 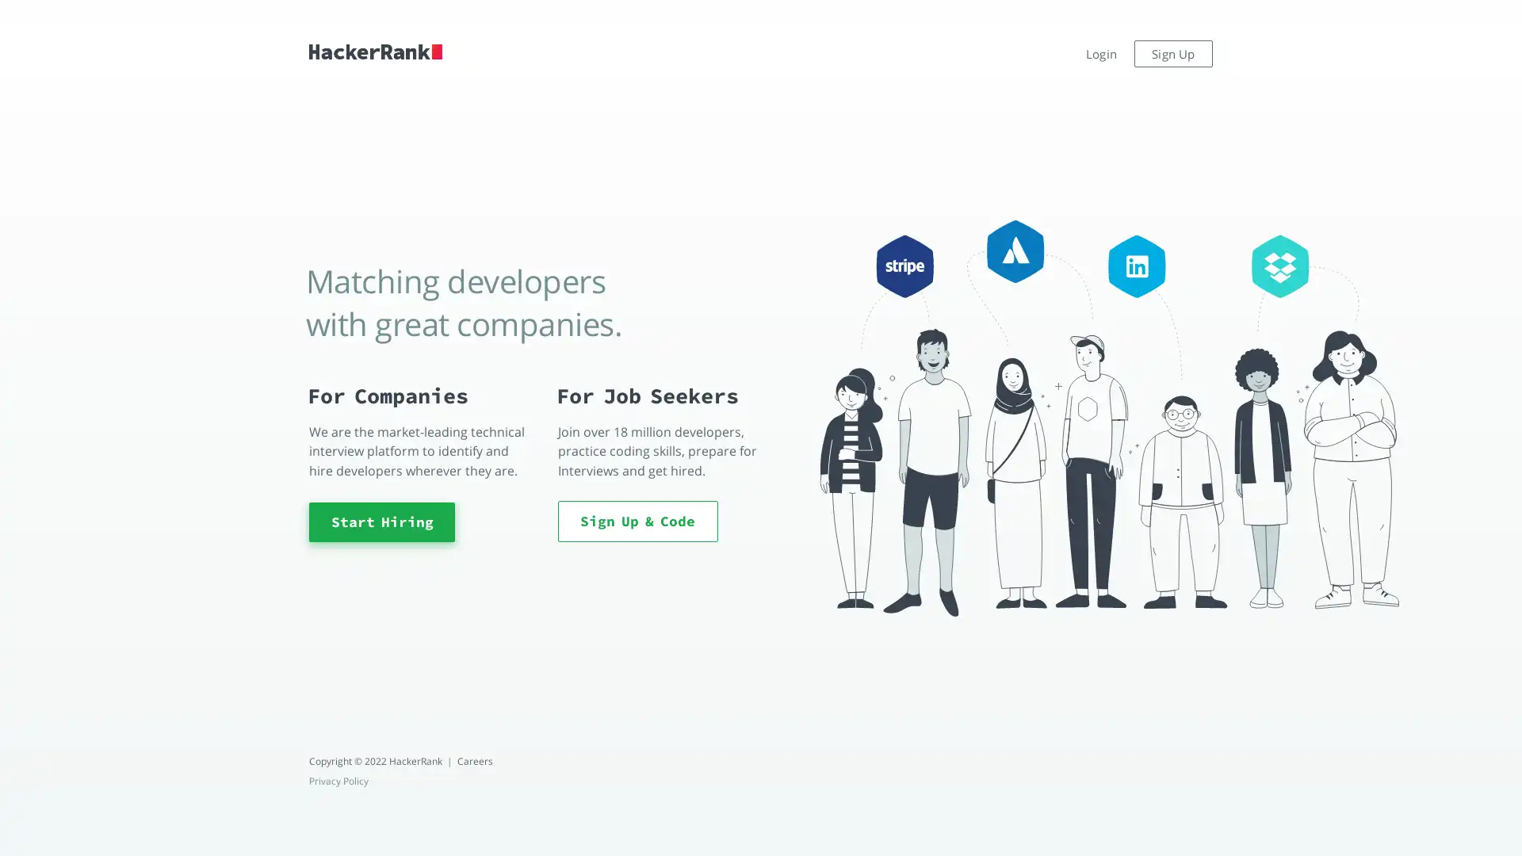 I want to click on Start Hiring, so click(x=381, y=522).